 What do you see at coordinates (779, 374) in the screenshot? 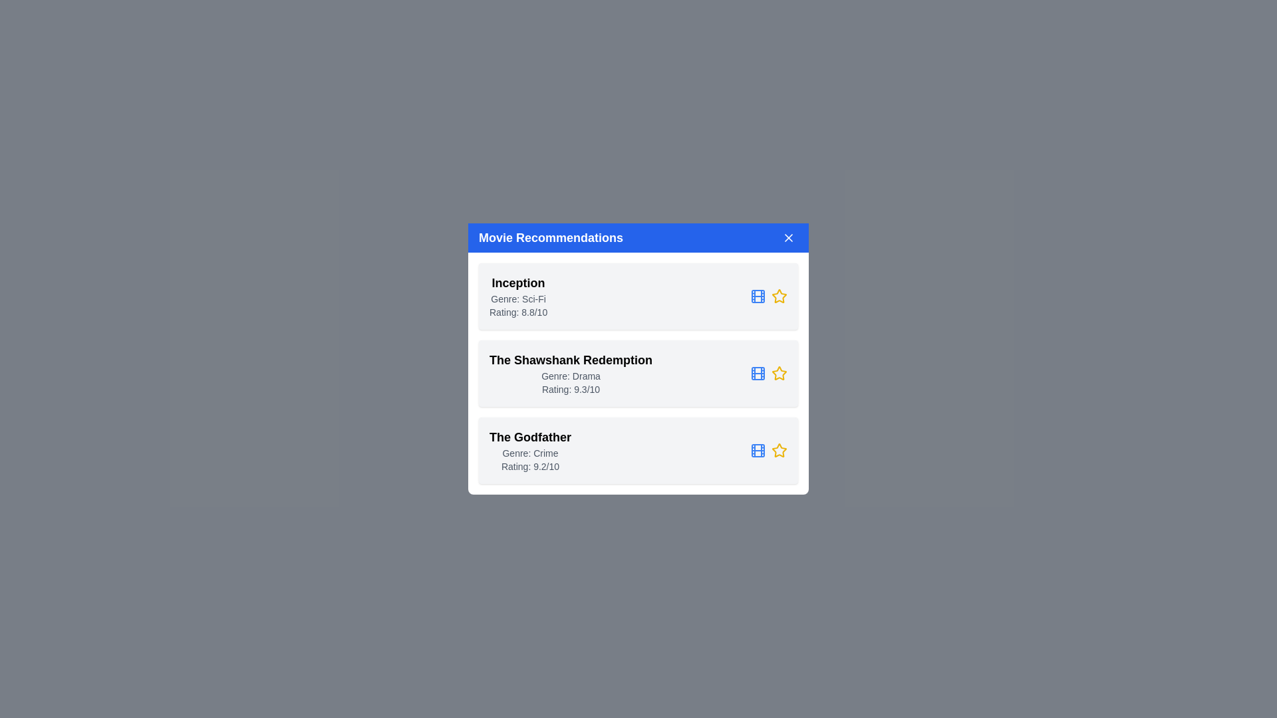
I see `the Star icon for the movie The Shawshank Redemption` at bounding box center [779, 374].